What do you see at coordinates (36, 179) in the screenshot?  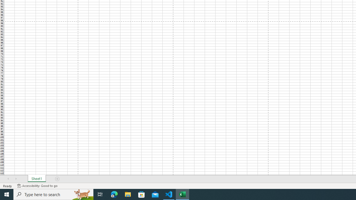 I see `'Sheet1'` at bounding box center [36, 179].